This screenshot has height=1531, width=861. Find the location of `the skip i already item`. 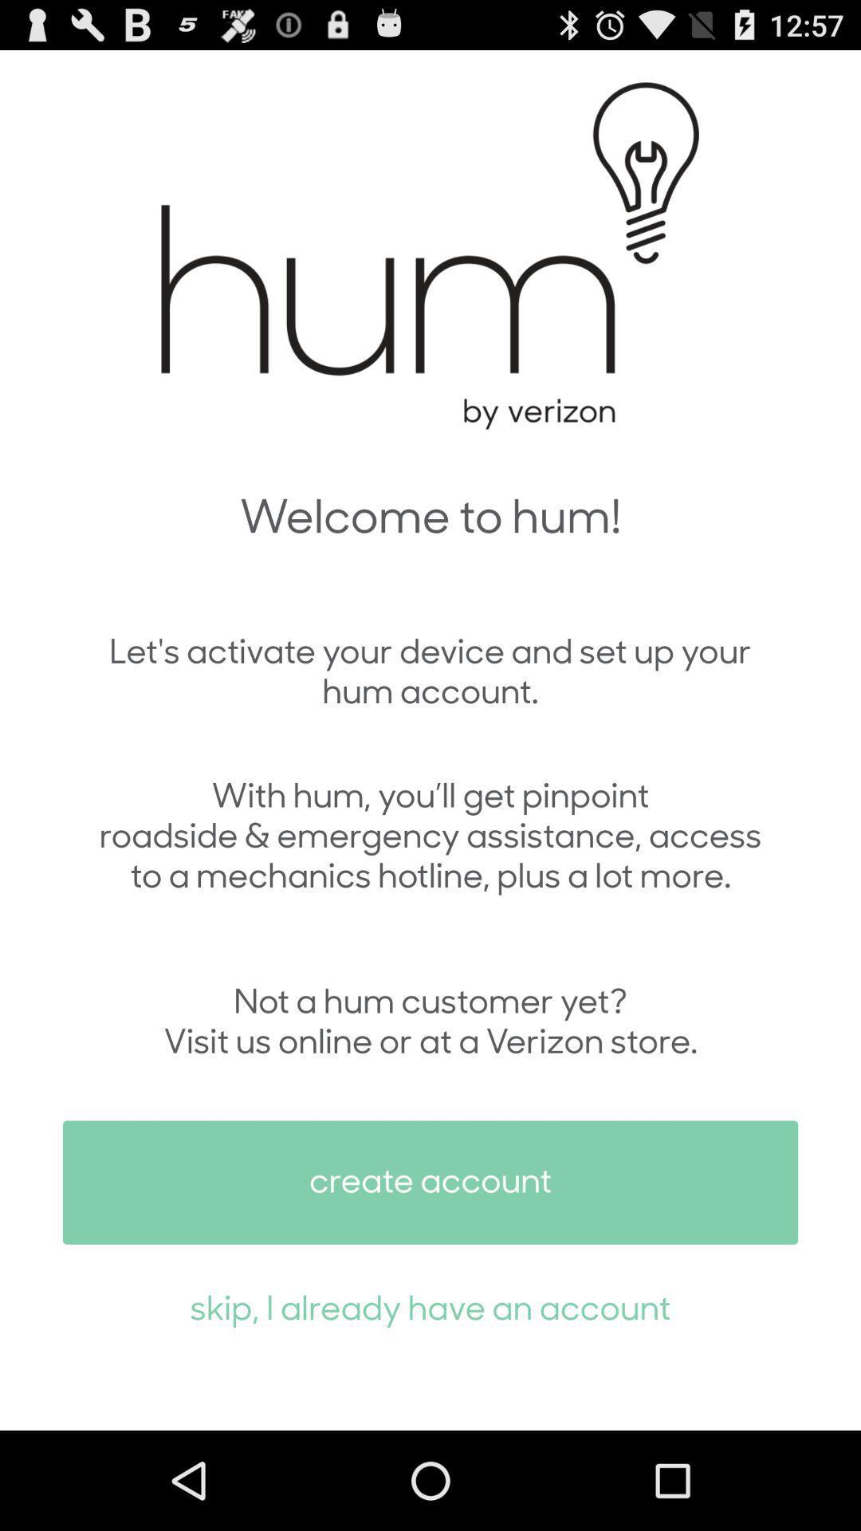

the skip i already item is located at coordinates (431, 1306).